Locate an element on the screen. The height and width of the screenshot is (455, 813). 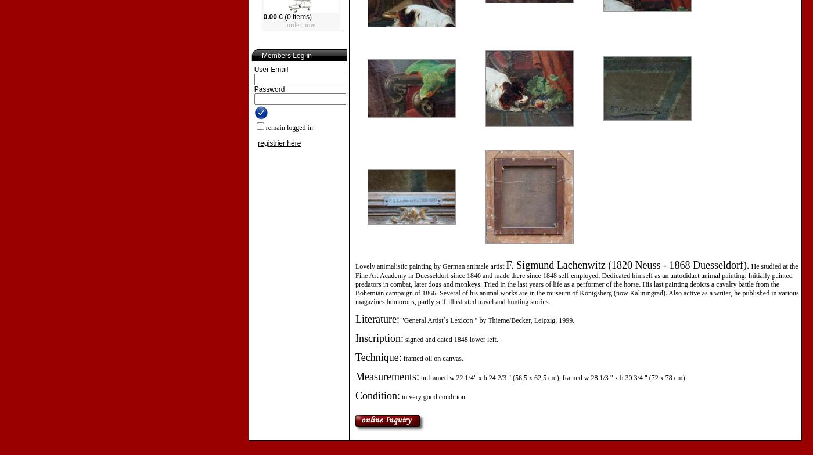
'0.00 €' is located at coordinates (272, 17).